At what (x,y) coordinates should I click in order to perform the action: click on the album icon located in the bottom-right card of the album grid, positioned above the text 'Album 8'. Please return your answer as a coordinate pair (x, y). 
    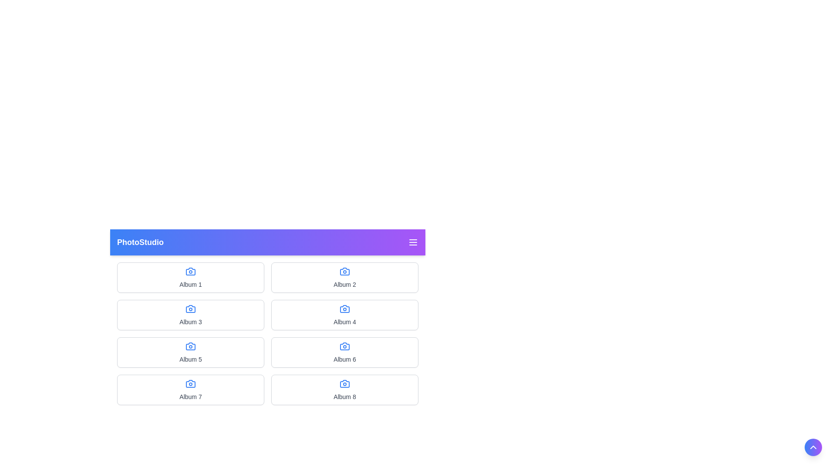
    Looking at the image, I should click on (344, 383).